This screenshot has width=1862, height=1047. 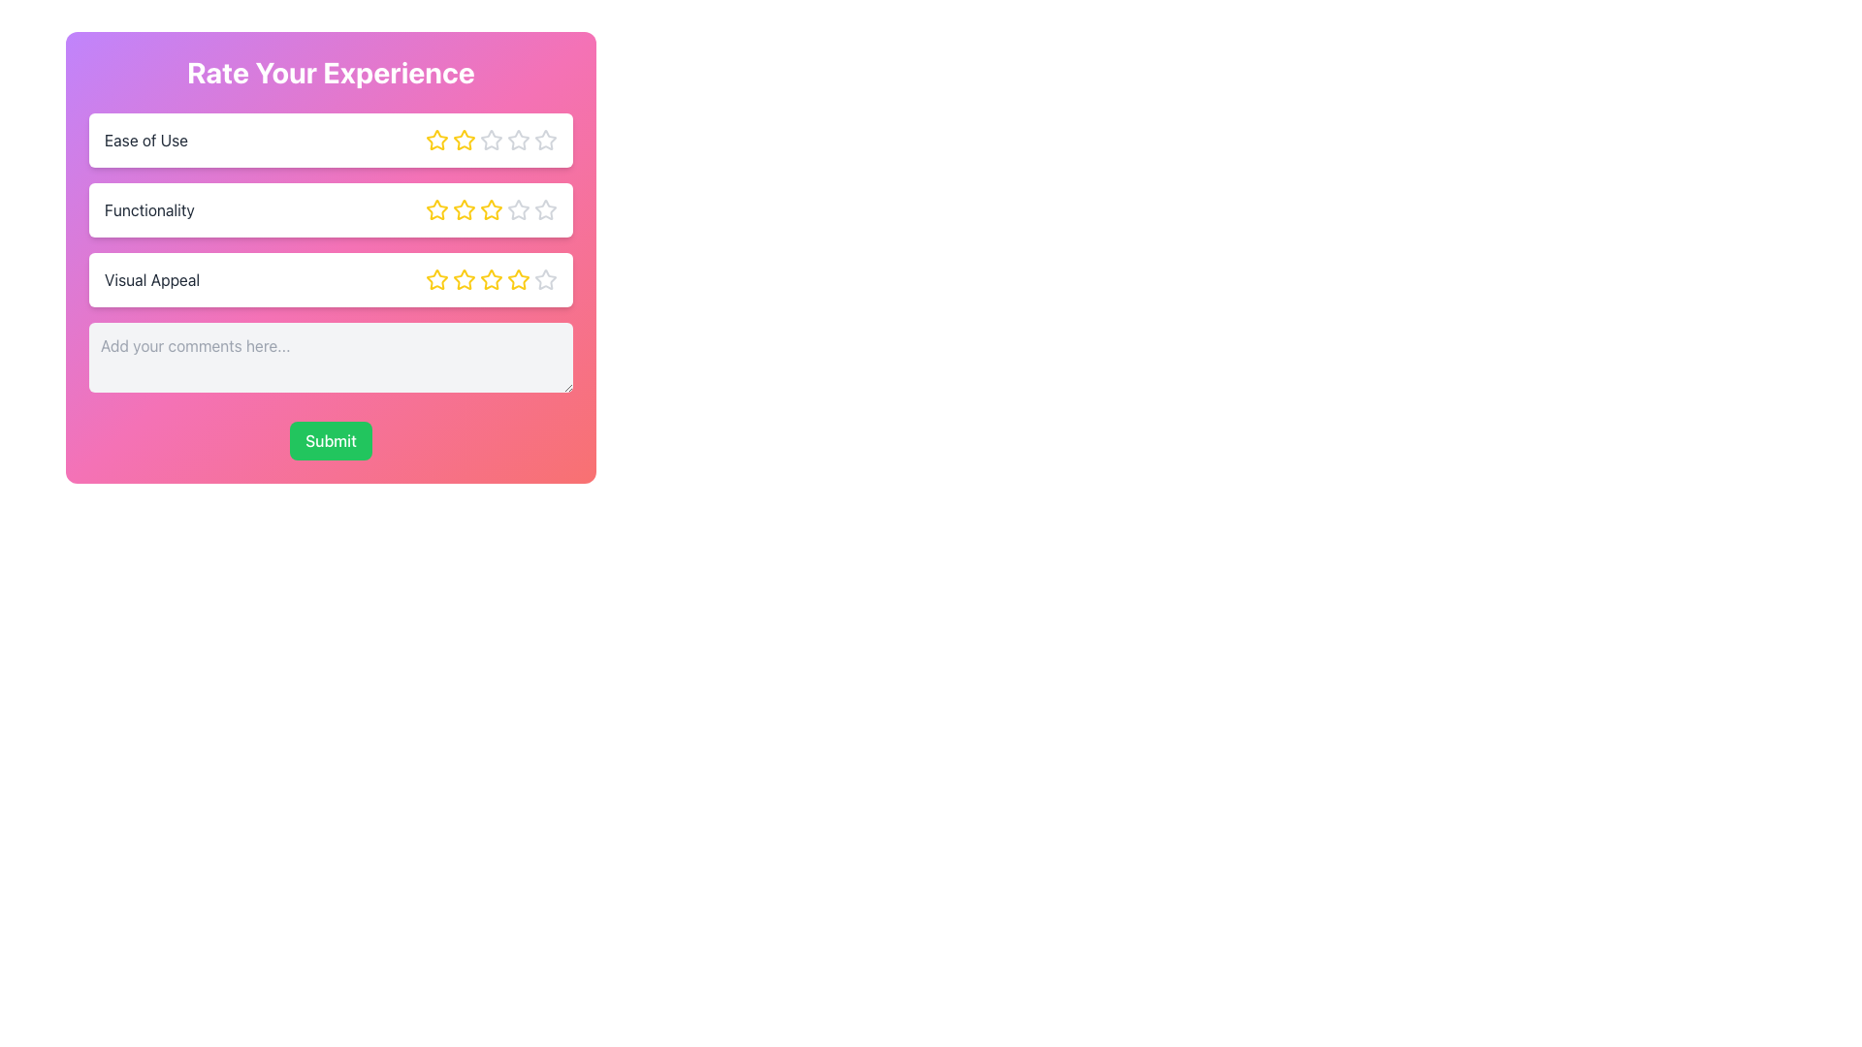 I want to click on the first yellow star icon for rating 'Functionality', so click(x=436, y=209).